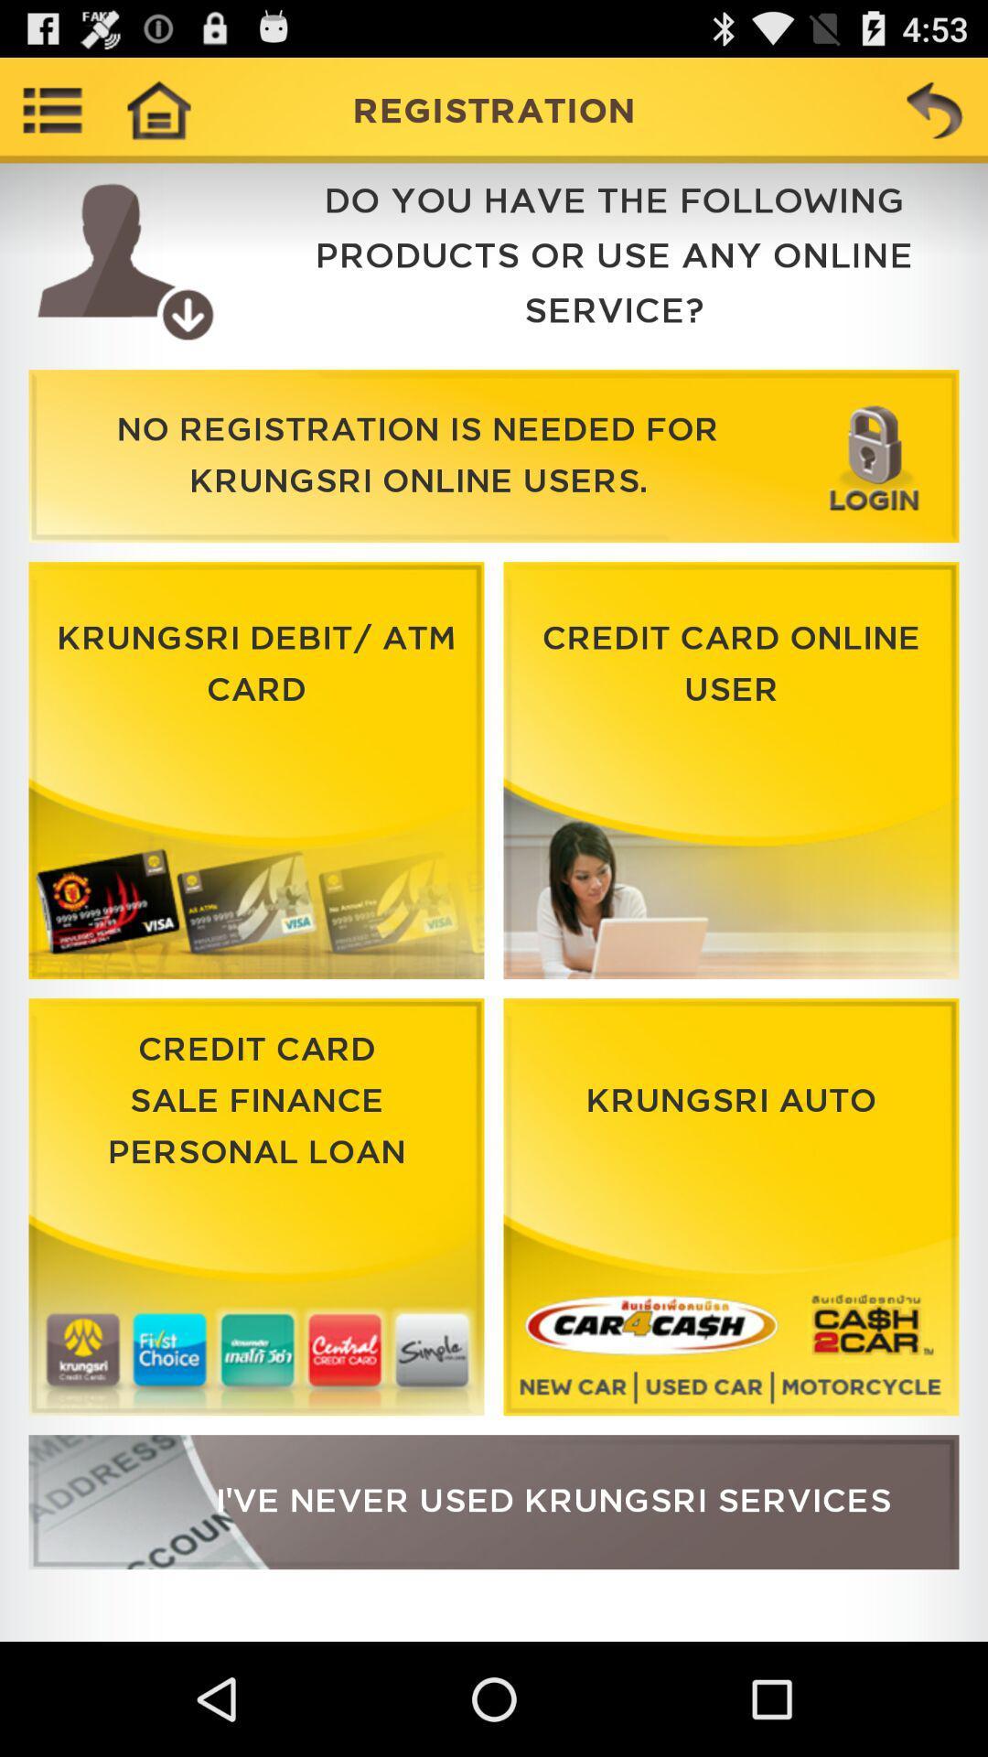 Image resolution: width=988 pixels, height=1757 pixels. I want to click on home page, so click(157, 109).